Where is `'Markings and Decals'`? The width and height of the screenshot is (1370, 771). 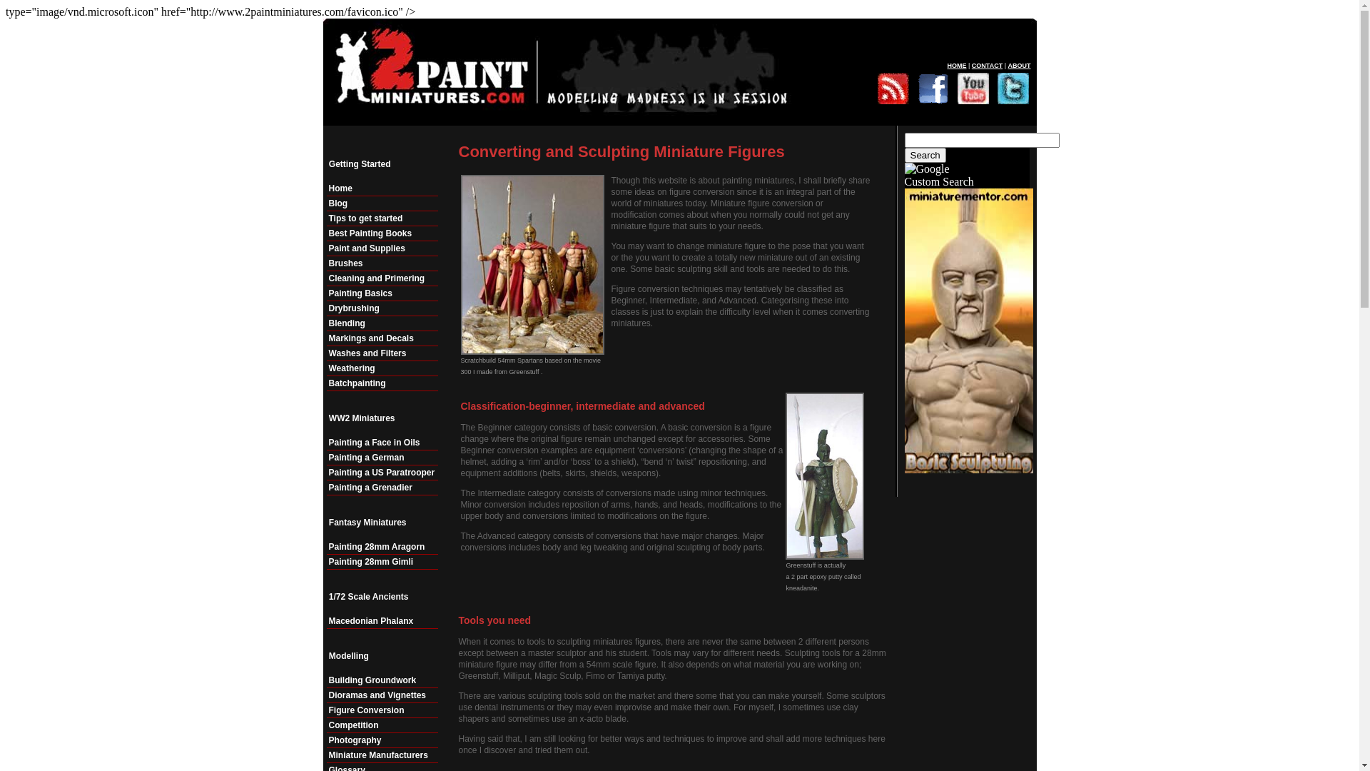
'Markings and Decals' is located at coordinates (382, 338).